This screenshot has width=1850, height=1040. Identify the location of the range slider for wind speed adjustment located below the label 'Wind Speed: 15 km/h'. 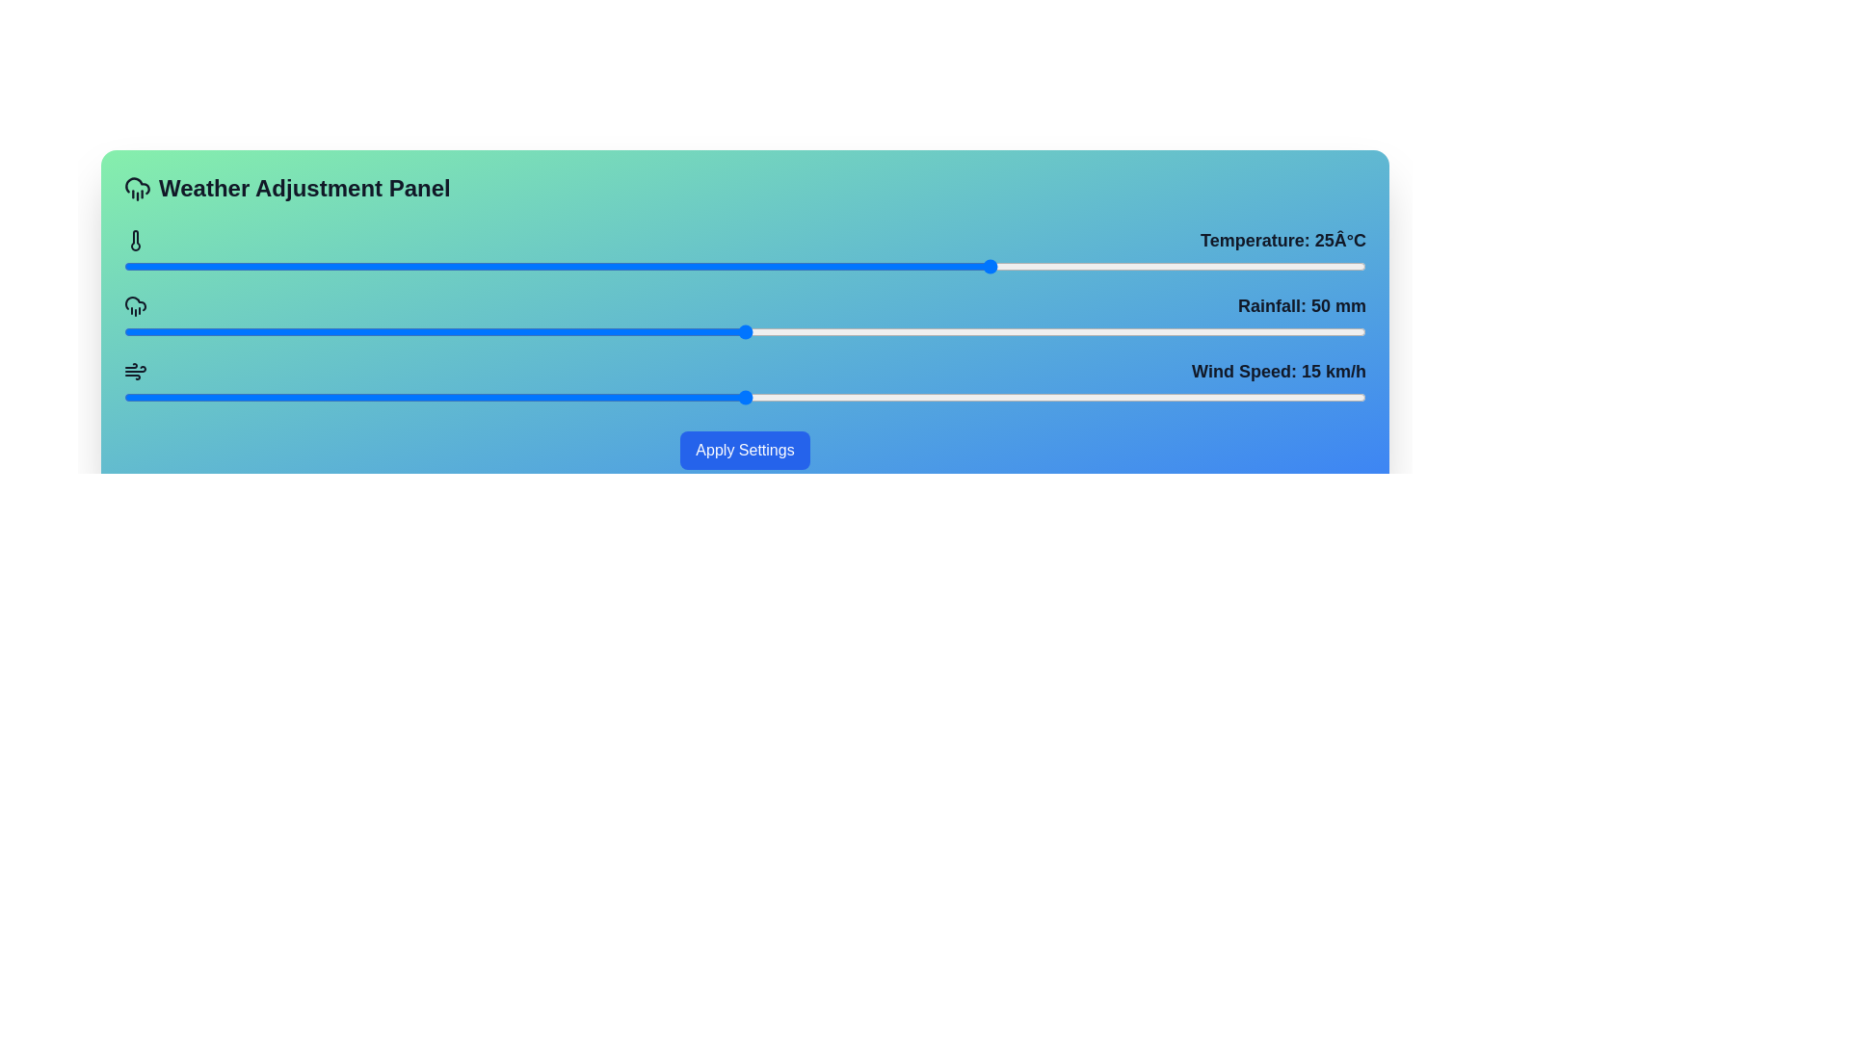
(744, 396).